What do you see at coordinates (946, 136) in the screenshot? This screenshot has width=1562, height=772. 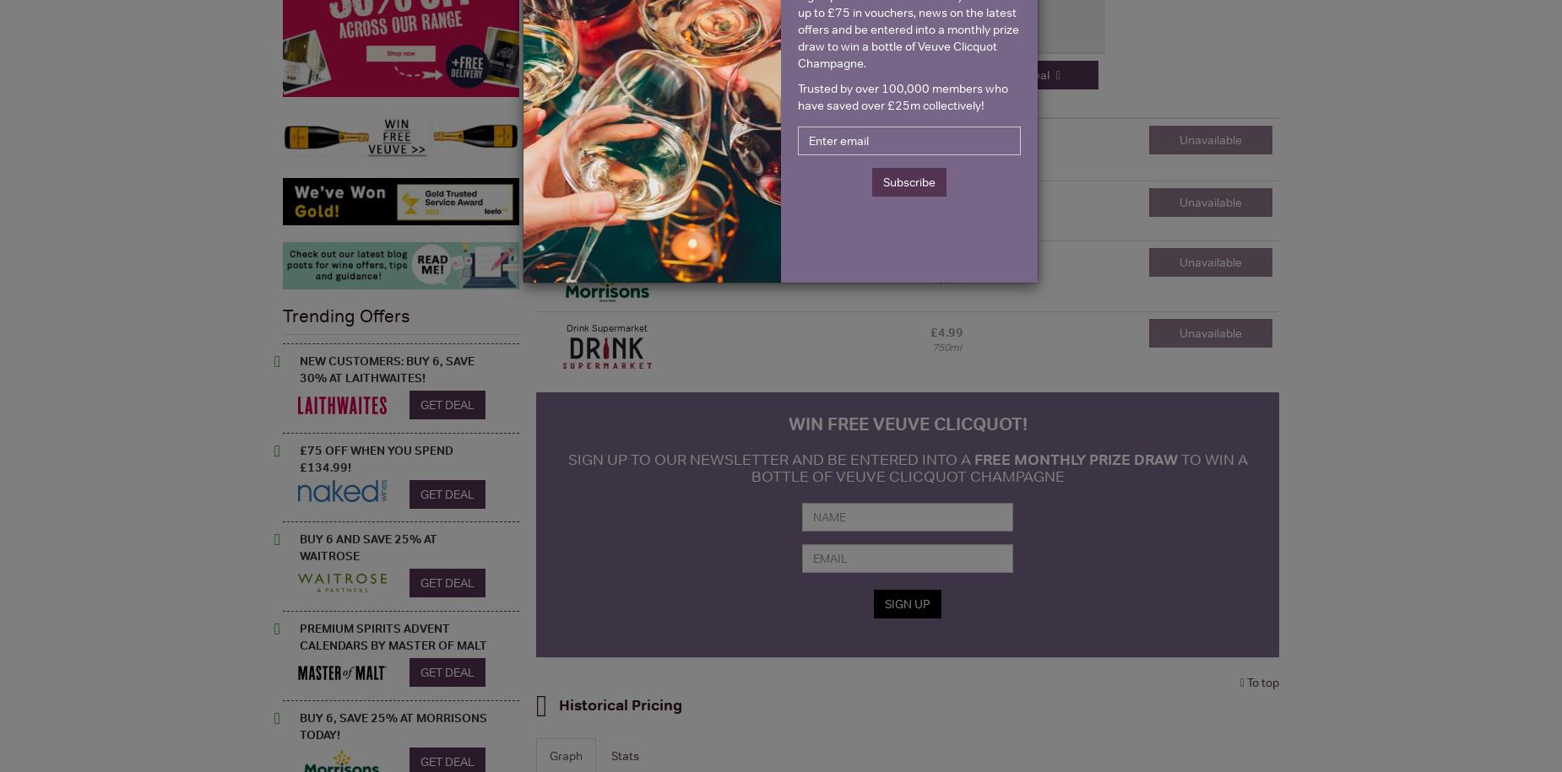 I see `'£4.50'` at bounding box center [946, 136].